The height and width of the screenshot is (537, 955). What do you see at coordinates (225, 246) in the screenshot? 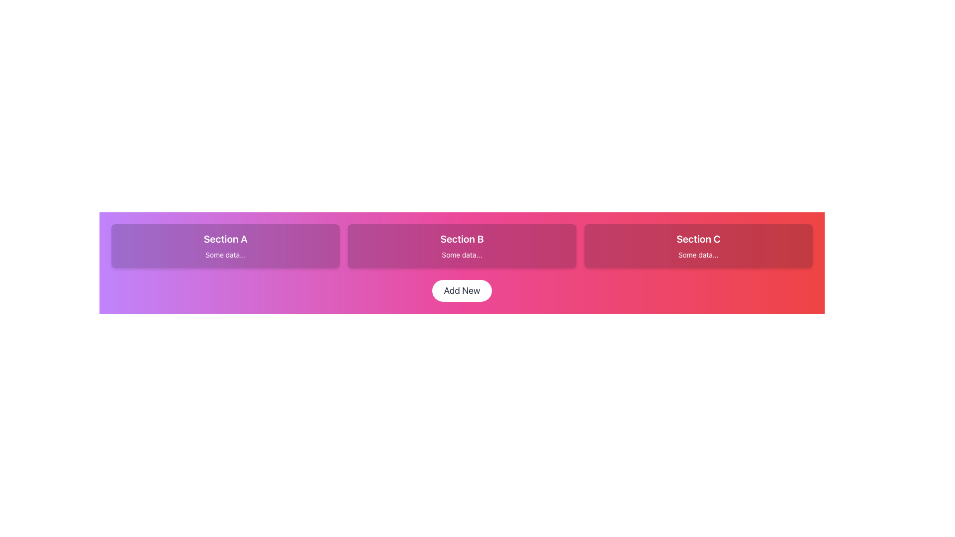
I see `the 'Section A' Card element, which has a gradient background from purple to pink and displays the text 'Section A' in bold and 'Some data...' in smaller font` at bounding box center [225, 246].